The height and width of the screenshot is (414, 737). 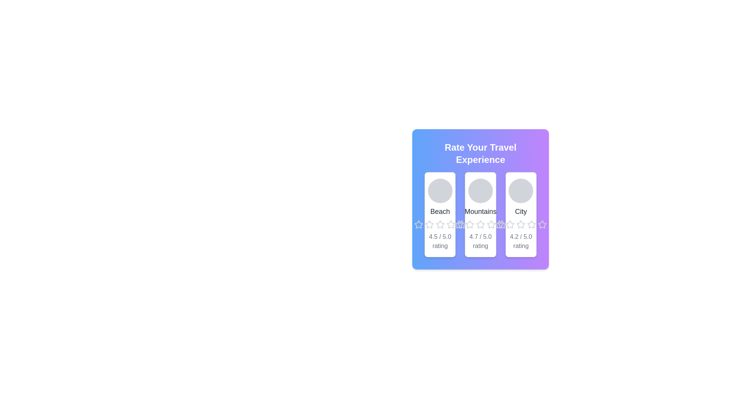 I want to click on the fourth star icon in the rating scale under the 'Beach' rating card, so click(x=440, y=224).